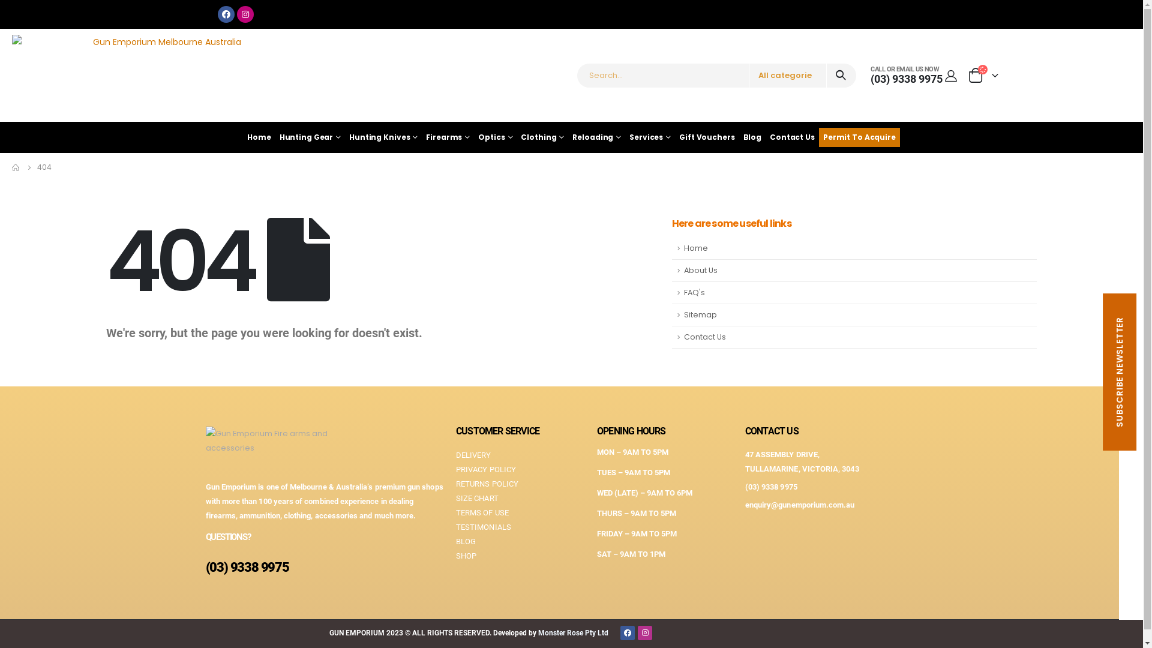  What do you see at coordinates (649, 136) in the screenshot?
I see `'Services'` at bounding box center [649, 136].